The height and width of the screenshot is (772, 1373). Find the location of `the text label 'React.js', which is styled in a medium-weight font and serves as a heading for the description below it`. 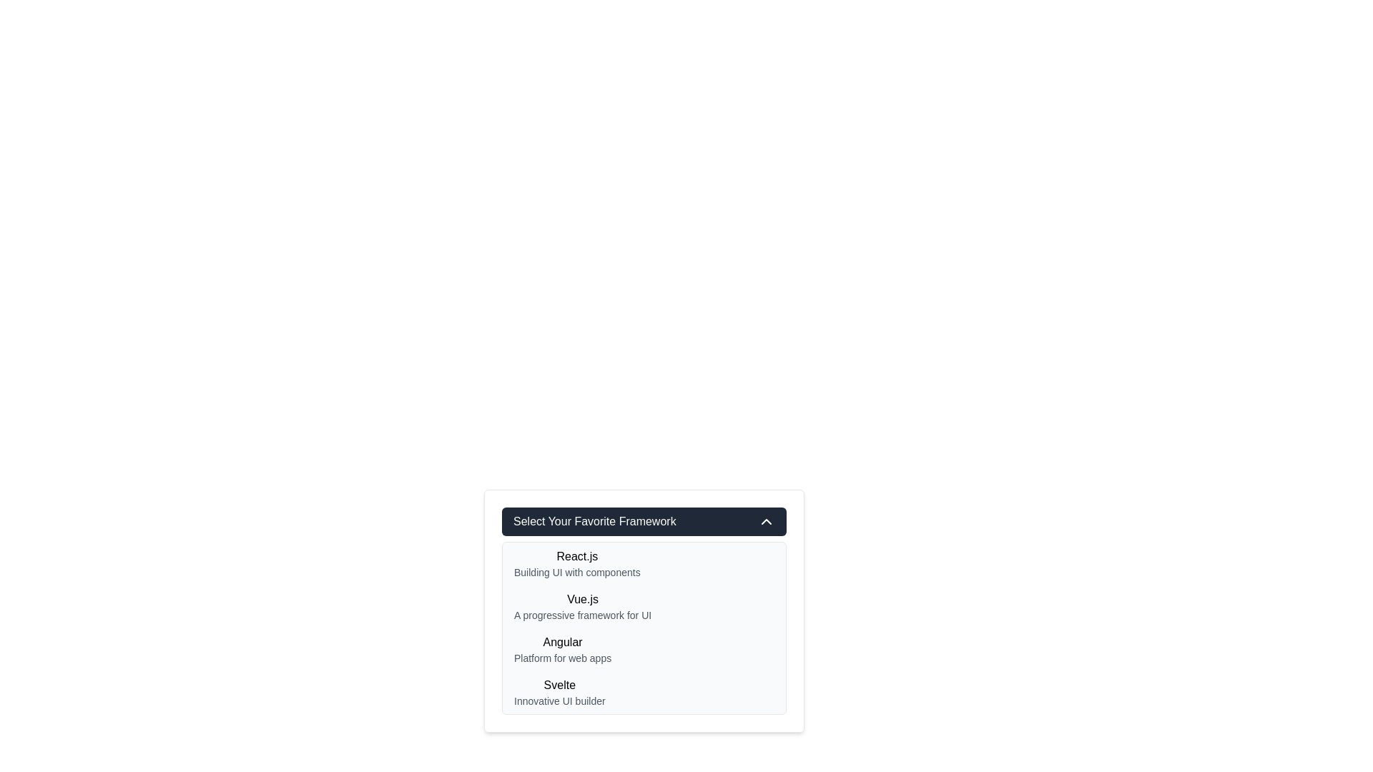

the text label 'React.js', which is styled in a medium-weight font and serves as a heading for the description below it is located at coordinates (577, 556).